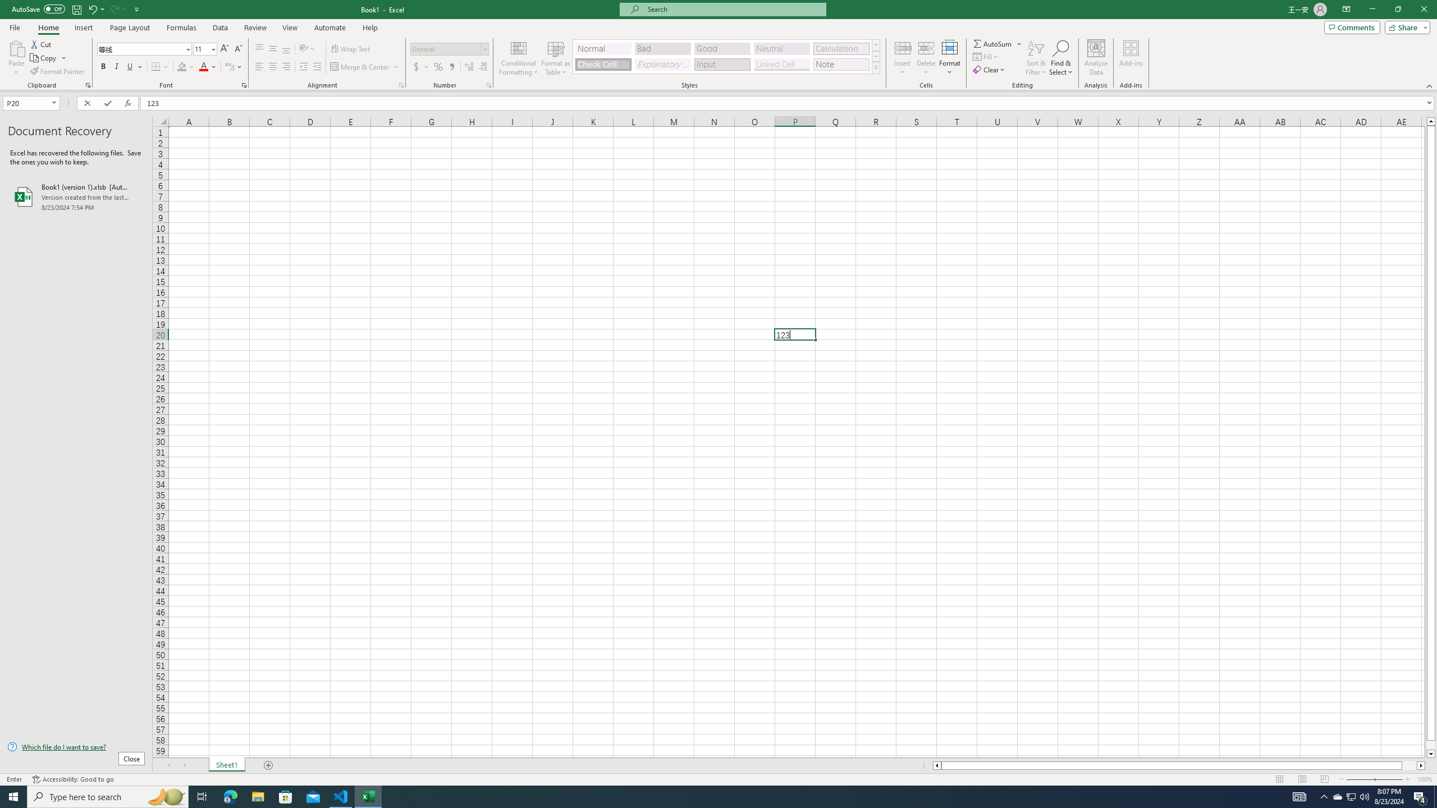 Image resolution: width=1437 pixels, height=808 pixels. Describe the element at coordinates (603, 64) in the screenshot. I see `'Check Cell'` at that location.